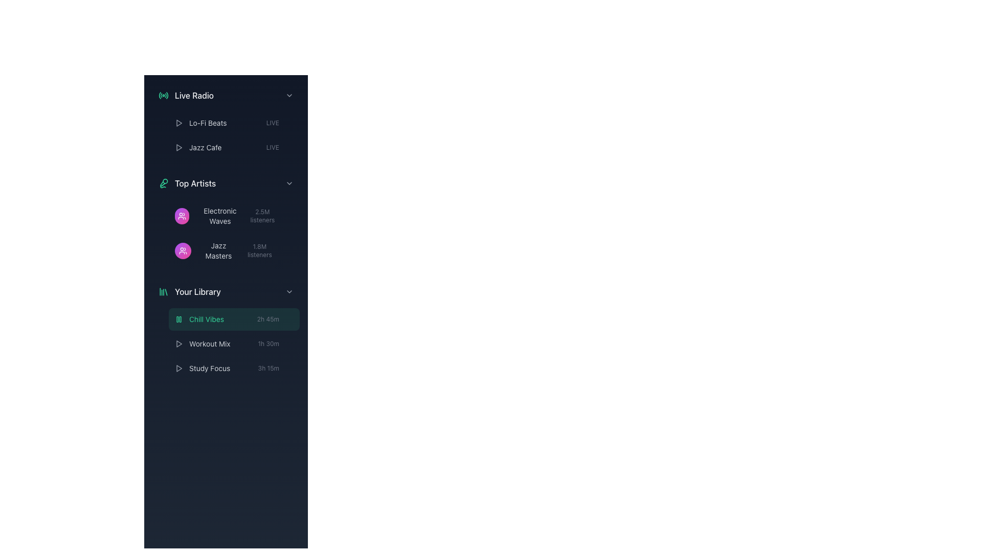 This screenshot has height=552, width=982. I want to click on the interactive play button icon for 'Lo-Fi Beats', so click(179, 148).